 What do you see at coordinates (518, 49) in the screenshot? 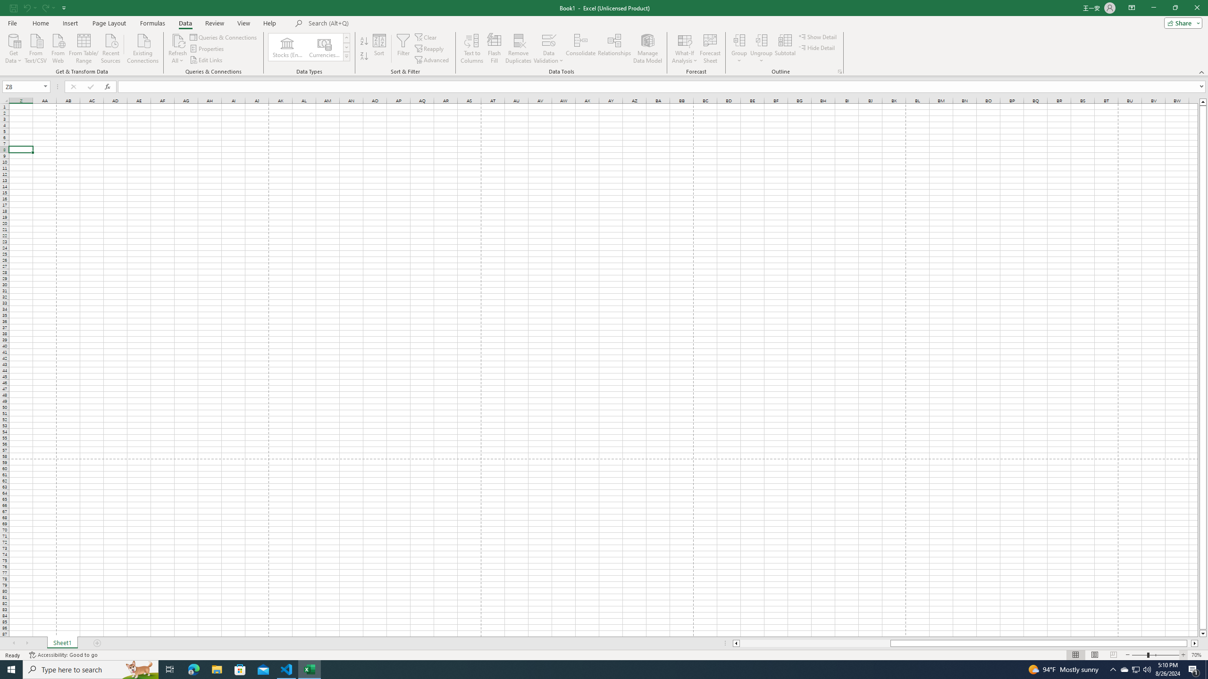
I see `'Remove Duplicates'` at bounding box center [518, 49].